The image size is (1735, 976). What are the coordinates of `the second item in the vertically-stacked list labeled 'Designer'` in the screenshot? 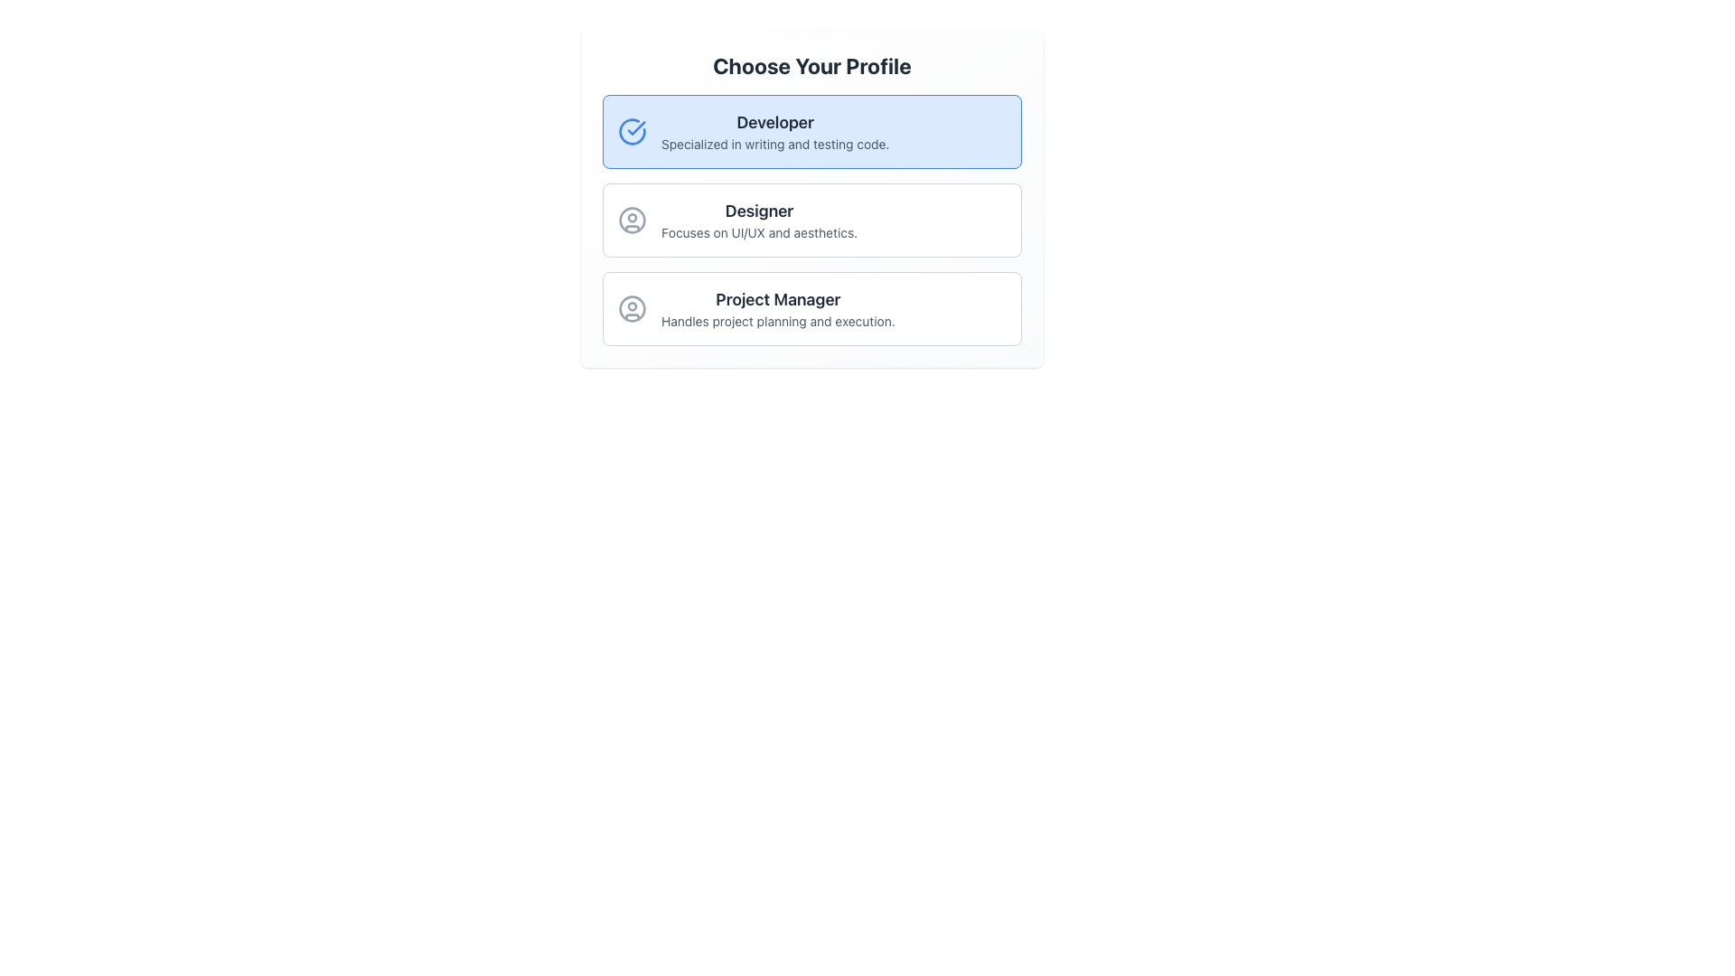 It's located at (811, 219).